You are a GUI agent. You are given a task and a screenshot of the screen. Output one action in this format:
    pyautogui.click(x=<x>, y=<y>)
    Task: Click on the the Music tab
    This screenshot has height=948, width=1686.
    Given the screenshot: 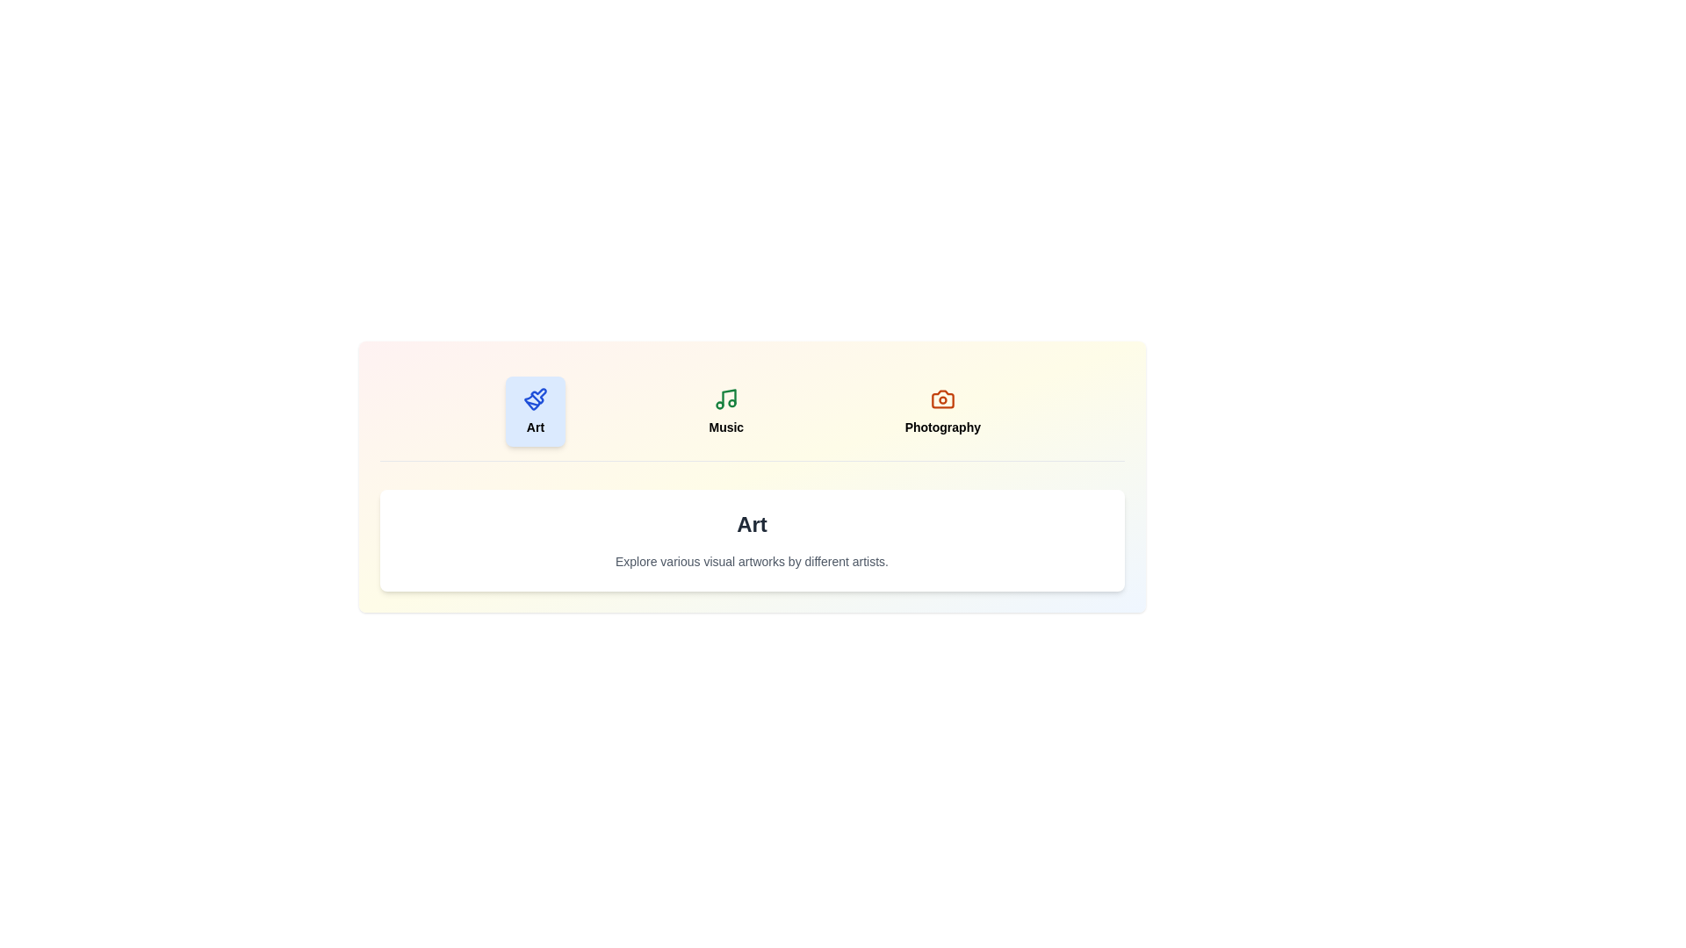 What is the action you would take?
    pyautogui.click(x=726, y=412)
    